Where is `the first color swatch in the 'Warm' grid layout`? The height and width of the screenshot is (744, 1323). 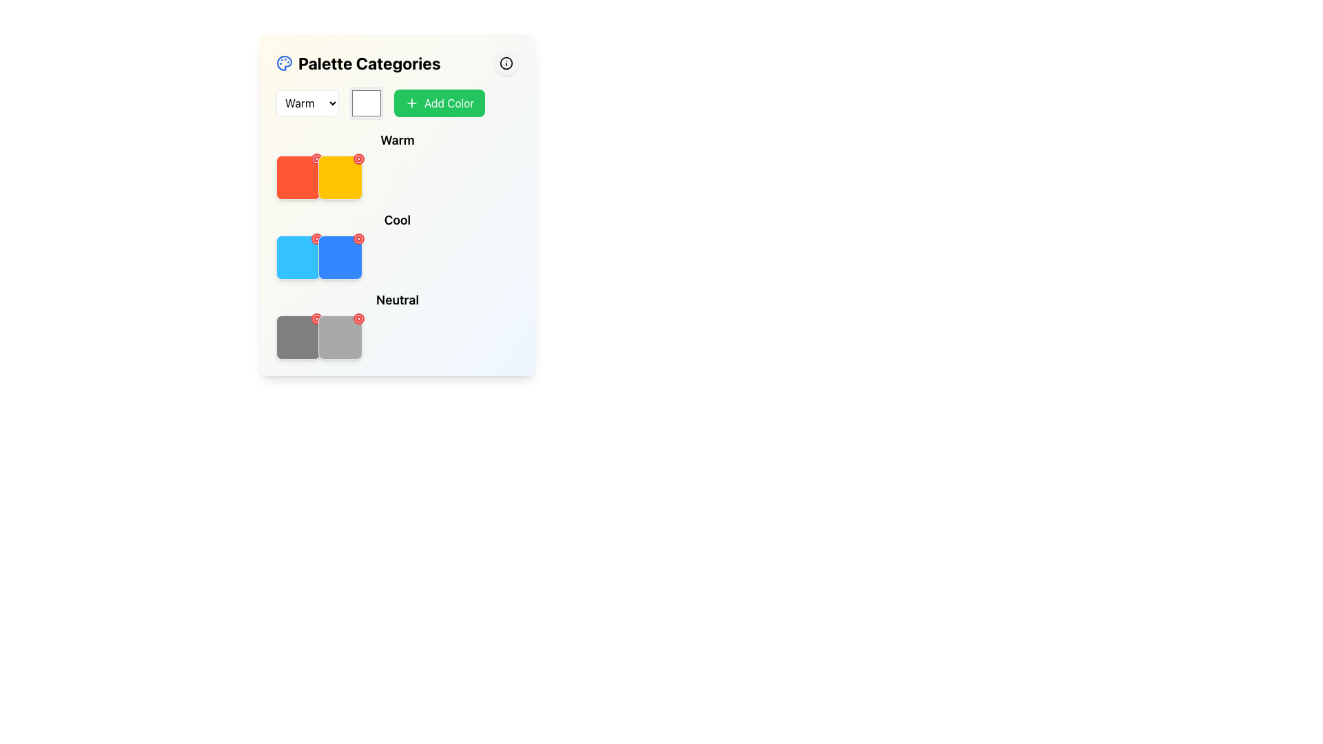 the first color swatch in the 'Warm' grid layout is located at coordinates (297, 177).